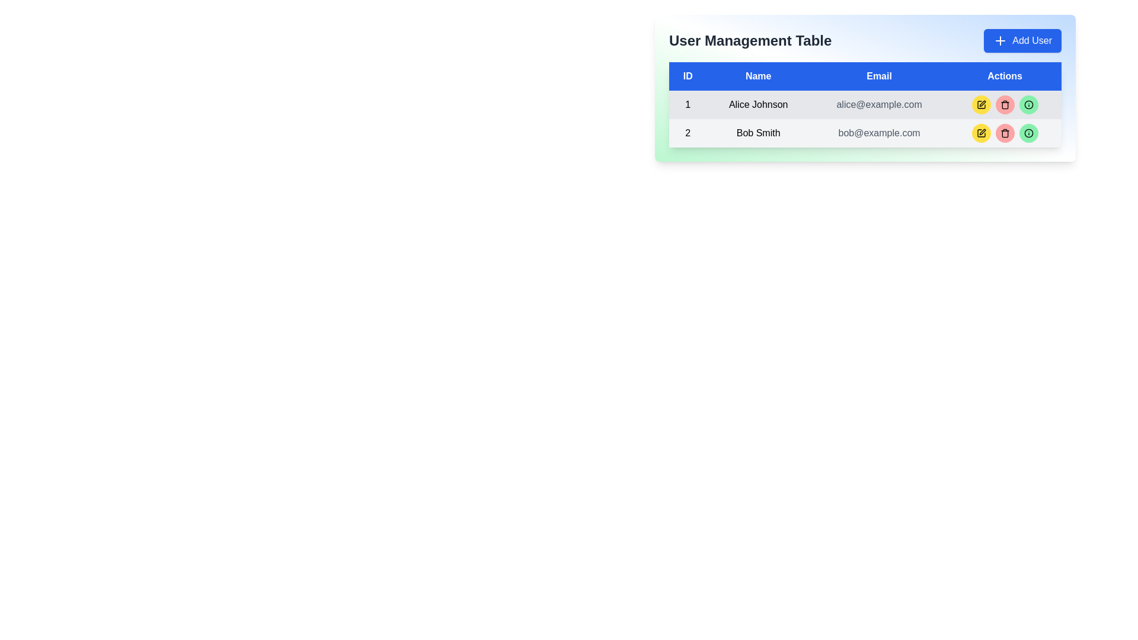  Describe the element at coordinates (688, 104) in the screenshot. I see `the numeral '1' in the ID column of the user management table for user 'Alice Johnson'` at that location.